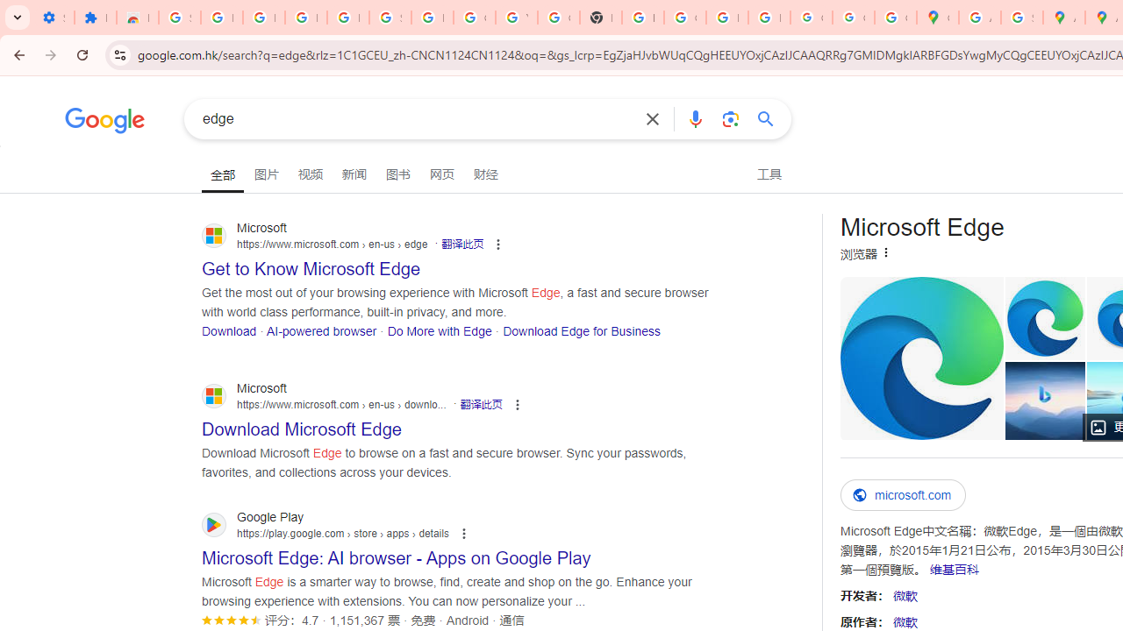  I want to click on 'Download', so click(228, 330).